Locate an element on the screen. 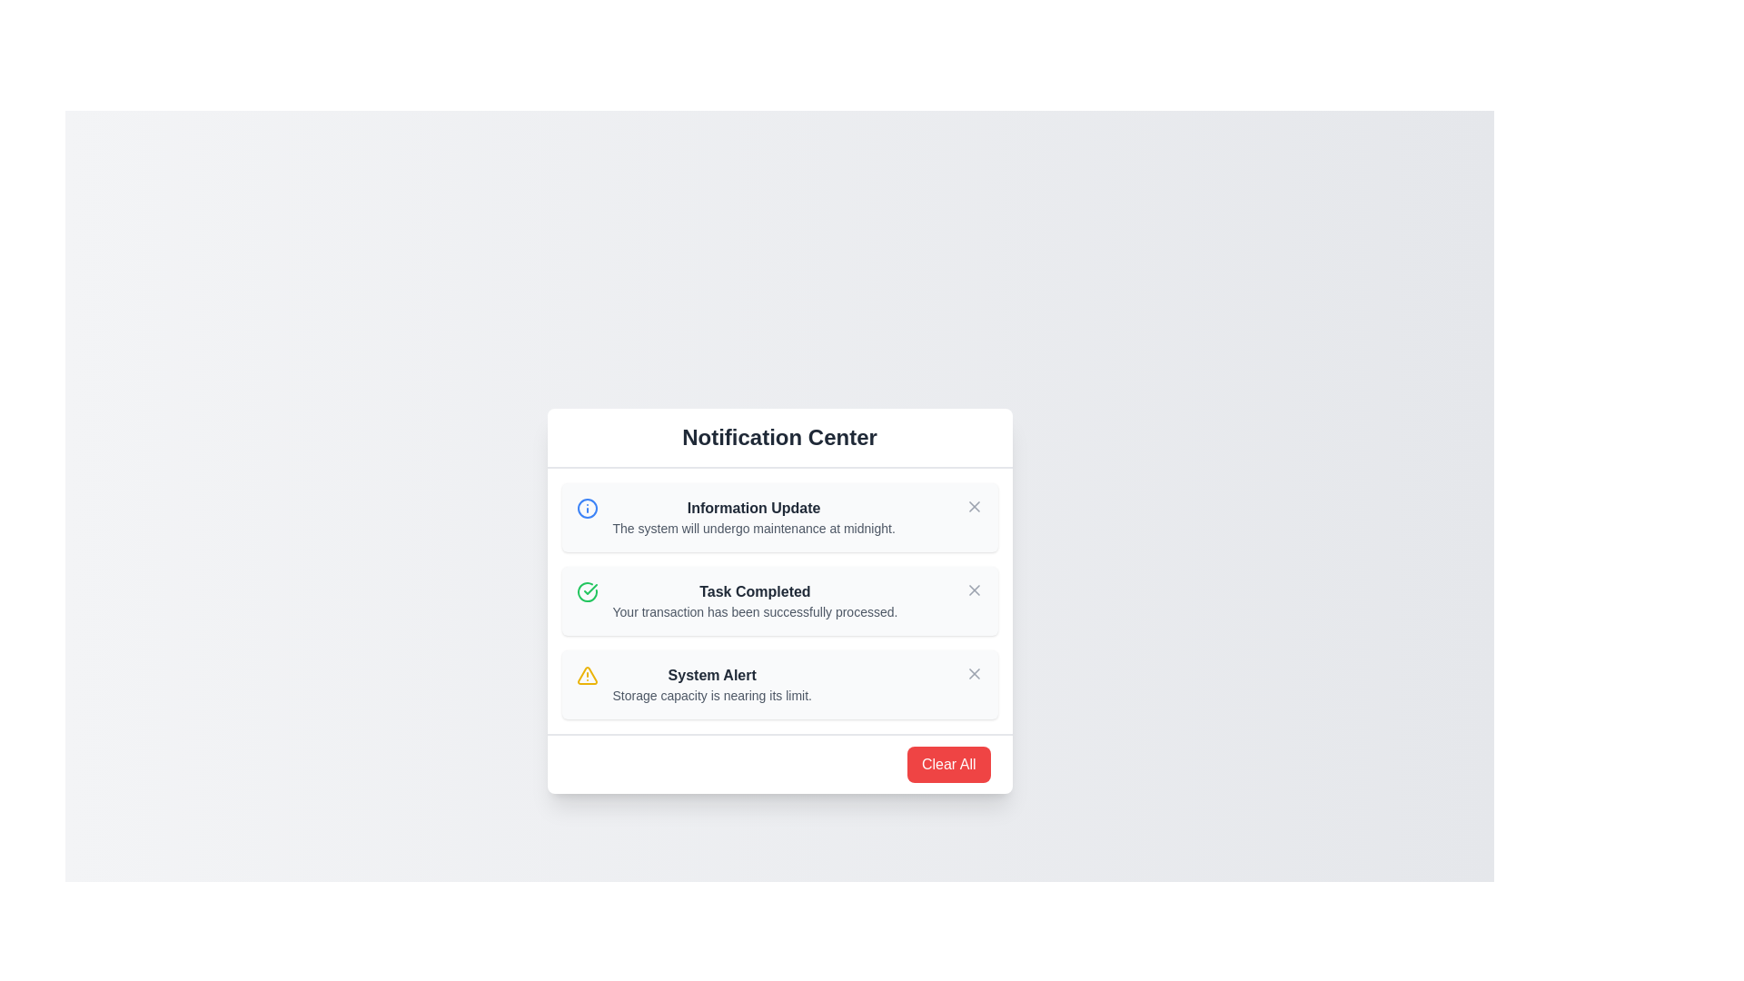 This screenshot has width=1744, height=981. notification message in the second card of the 'Notification Center' section that informs about the successful completion of a transaction is located at coordinates (755, 601).